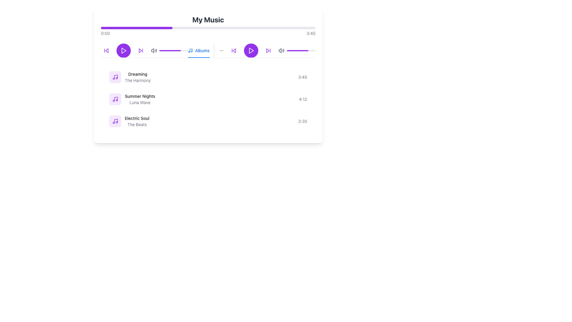  I want to click on the skip button located as the fourth button from the left in the playback control toolbar, so click(268, 50).